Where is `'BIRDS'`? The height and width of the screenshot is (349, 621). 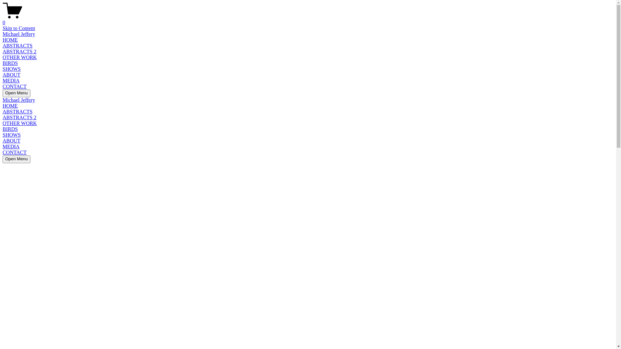 'BIRDS' is located at coordinates (3, 63).